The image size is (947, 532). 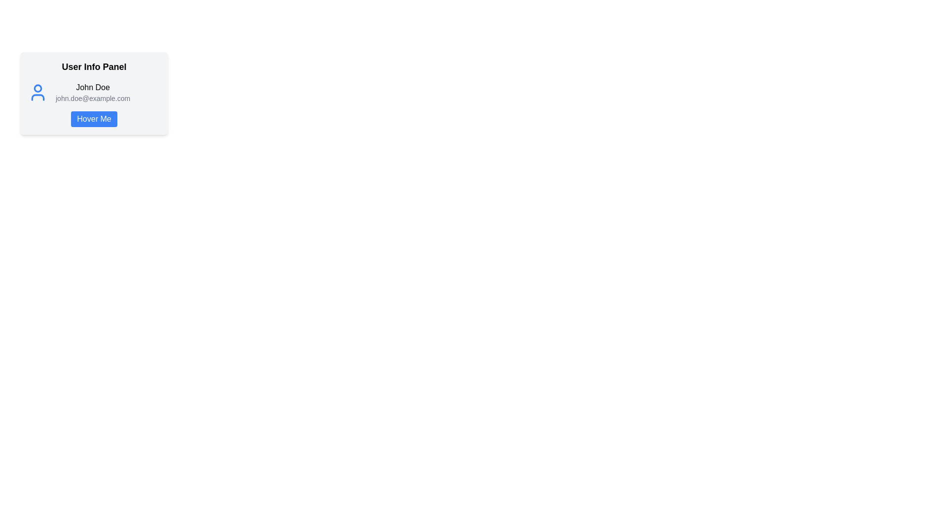 I want to click on the text label that serves as the heading for the user information panel, located at the top of the card-like structure, so click(x=94, y=66).